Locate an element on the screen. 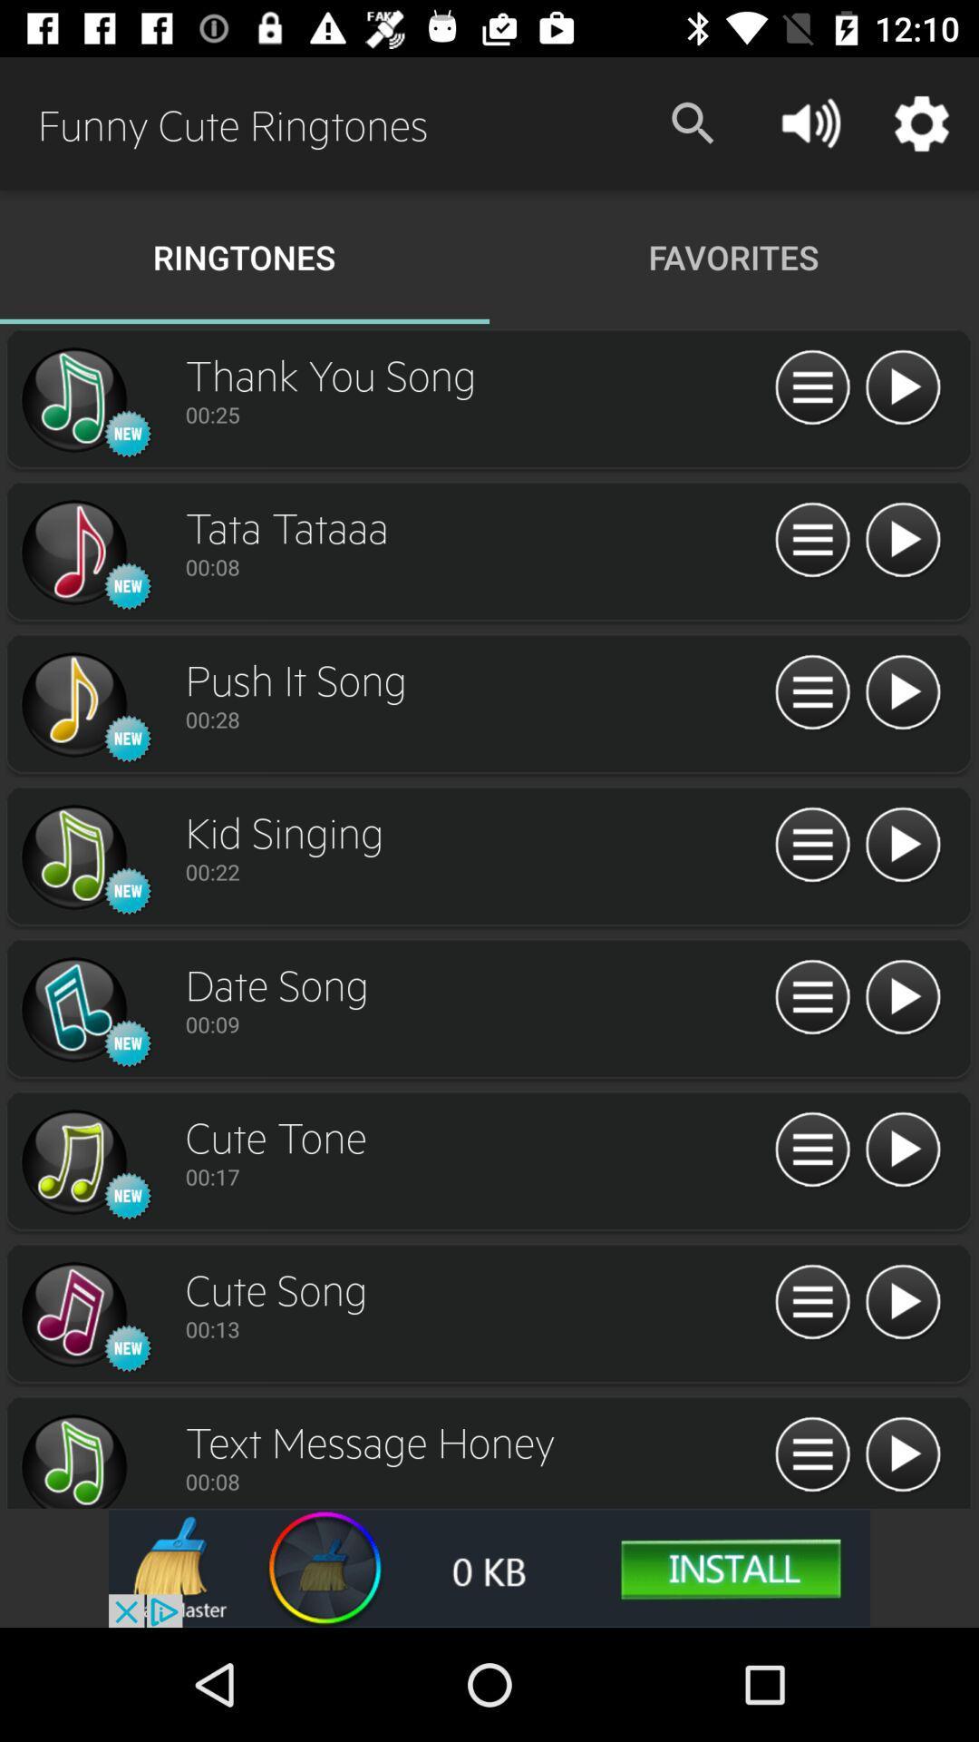  a ringtone is located at coordinates (902, 387).